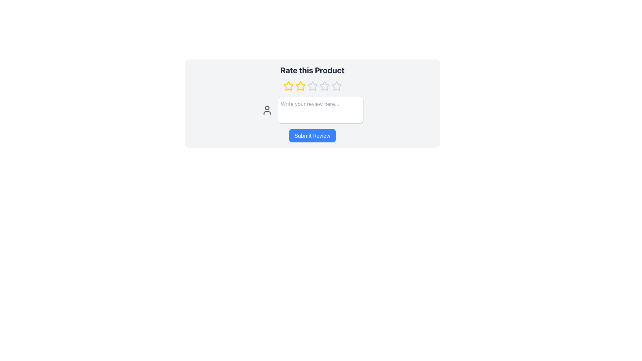 This screenshot has width=642, height=361. What do you see at coordinates (324, 86) in the screenshot?
I see `the fifth star in the horizontal row of rating stars, which is light gray with a thin black border, without performing any interaction` at bounding box center [324, 86].